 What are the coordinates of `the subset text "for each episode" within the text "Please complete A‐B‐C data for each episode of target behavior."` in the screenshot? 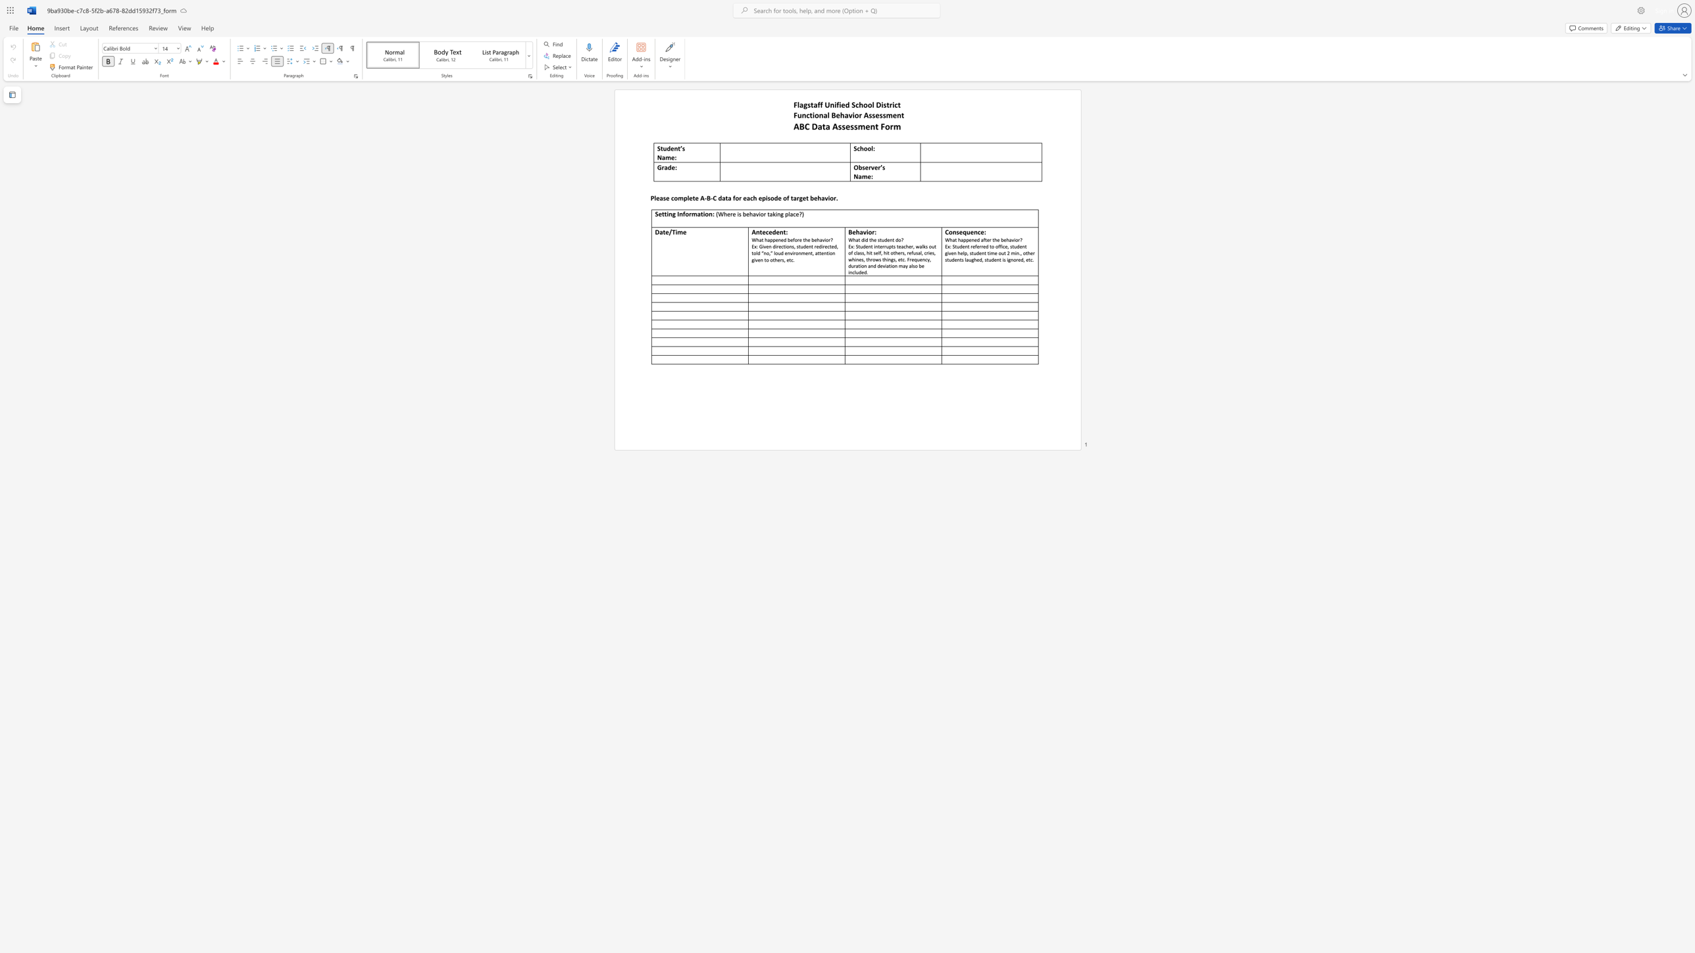 It's located at (733, 198).